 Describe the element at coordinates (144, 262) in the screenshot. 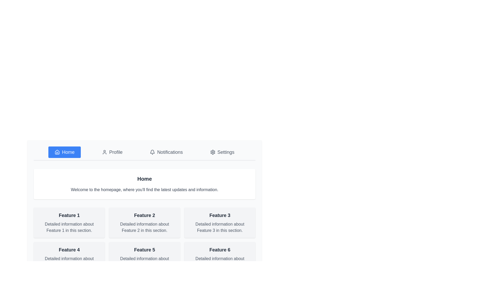

I see `text from the gray text block that says 'Detailed information about Feature 5 in this section.' located beneath the bold title 'Feature 5' in the second row and second column of the layout` at that location.